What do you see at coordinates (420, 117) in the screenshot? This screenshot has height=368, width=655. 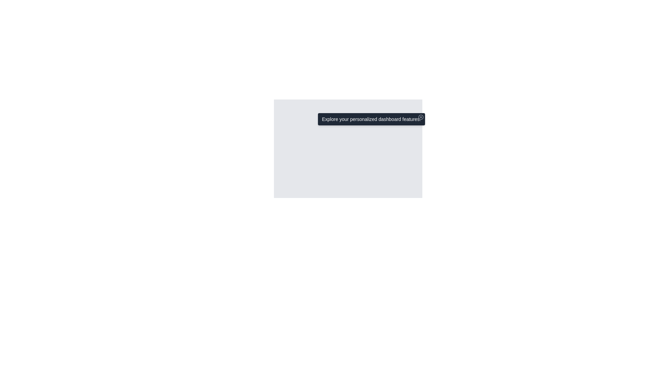 I see `the close button icon in the top-right corner of the tooltip displaying 'Explore your personalized dashboard features'` at bounding box center [420, 117].